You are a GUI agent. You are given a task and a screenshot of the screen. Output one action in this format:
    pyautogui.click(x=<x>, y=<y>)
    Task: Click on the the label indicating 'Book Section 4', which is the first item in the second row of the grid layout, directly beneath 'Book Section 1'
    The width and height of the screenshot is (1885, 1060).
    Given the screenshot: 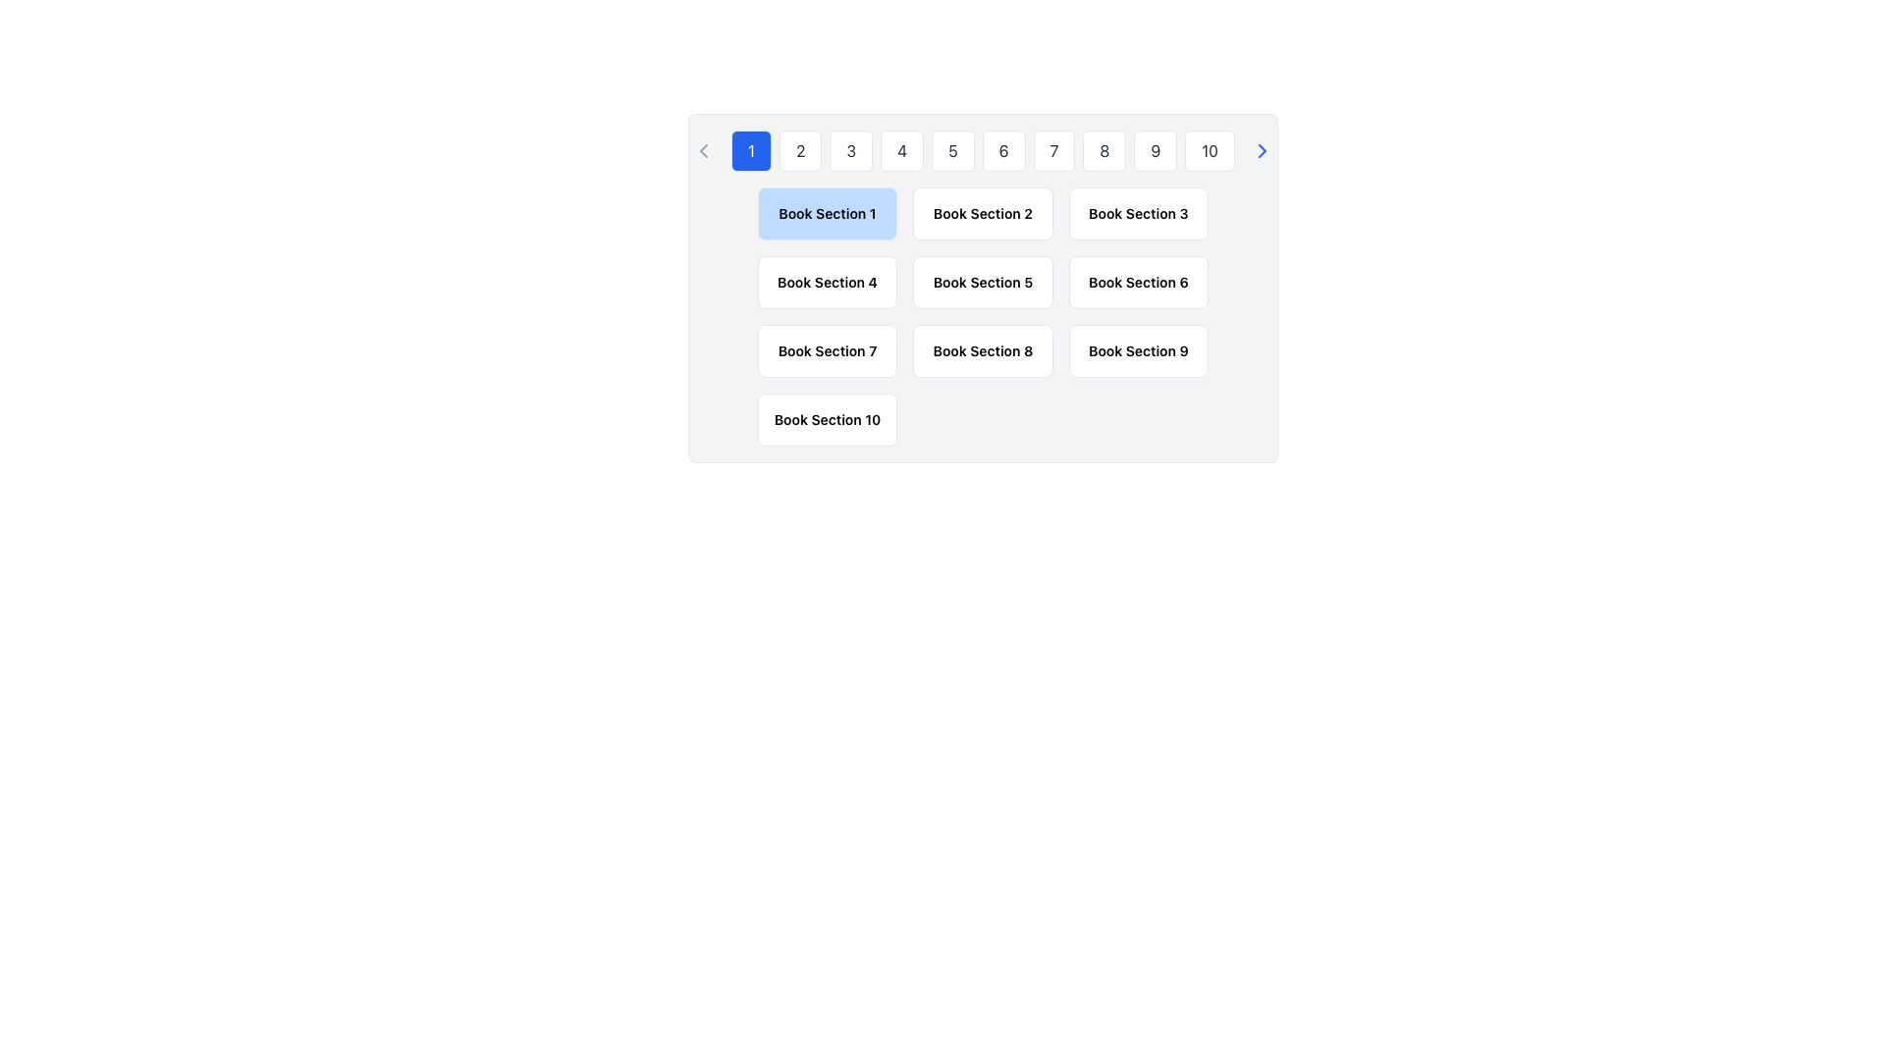 What is the action you would take?
    pyautogui.click(x=828, y=283)
    